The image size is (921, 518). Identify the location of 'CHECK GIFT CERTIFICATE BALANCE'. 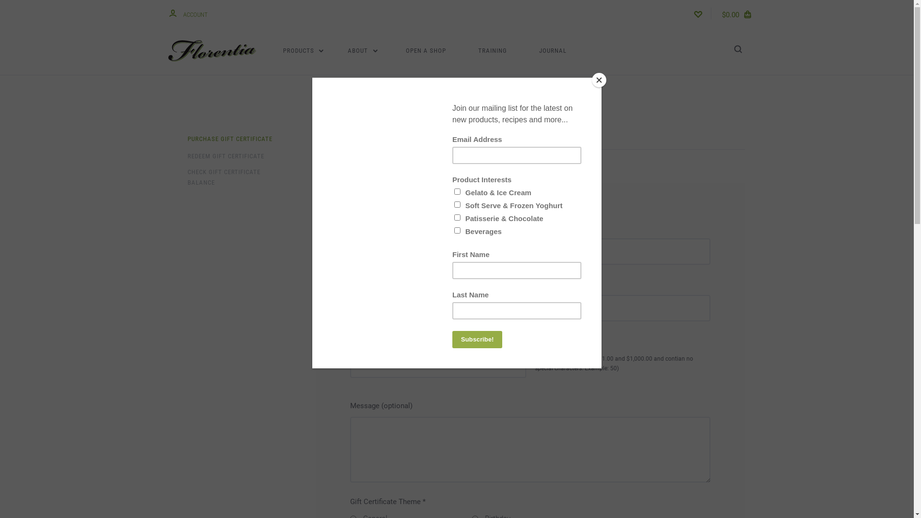
(229, 177).